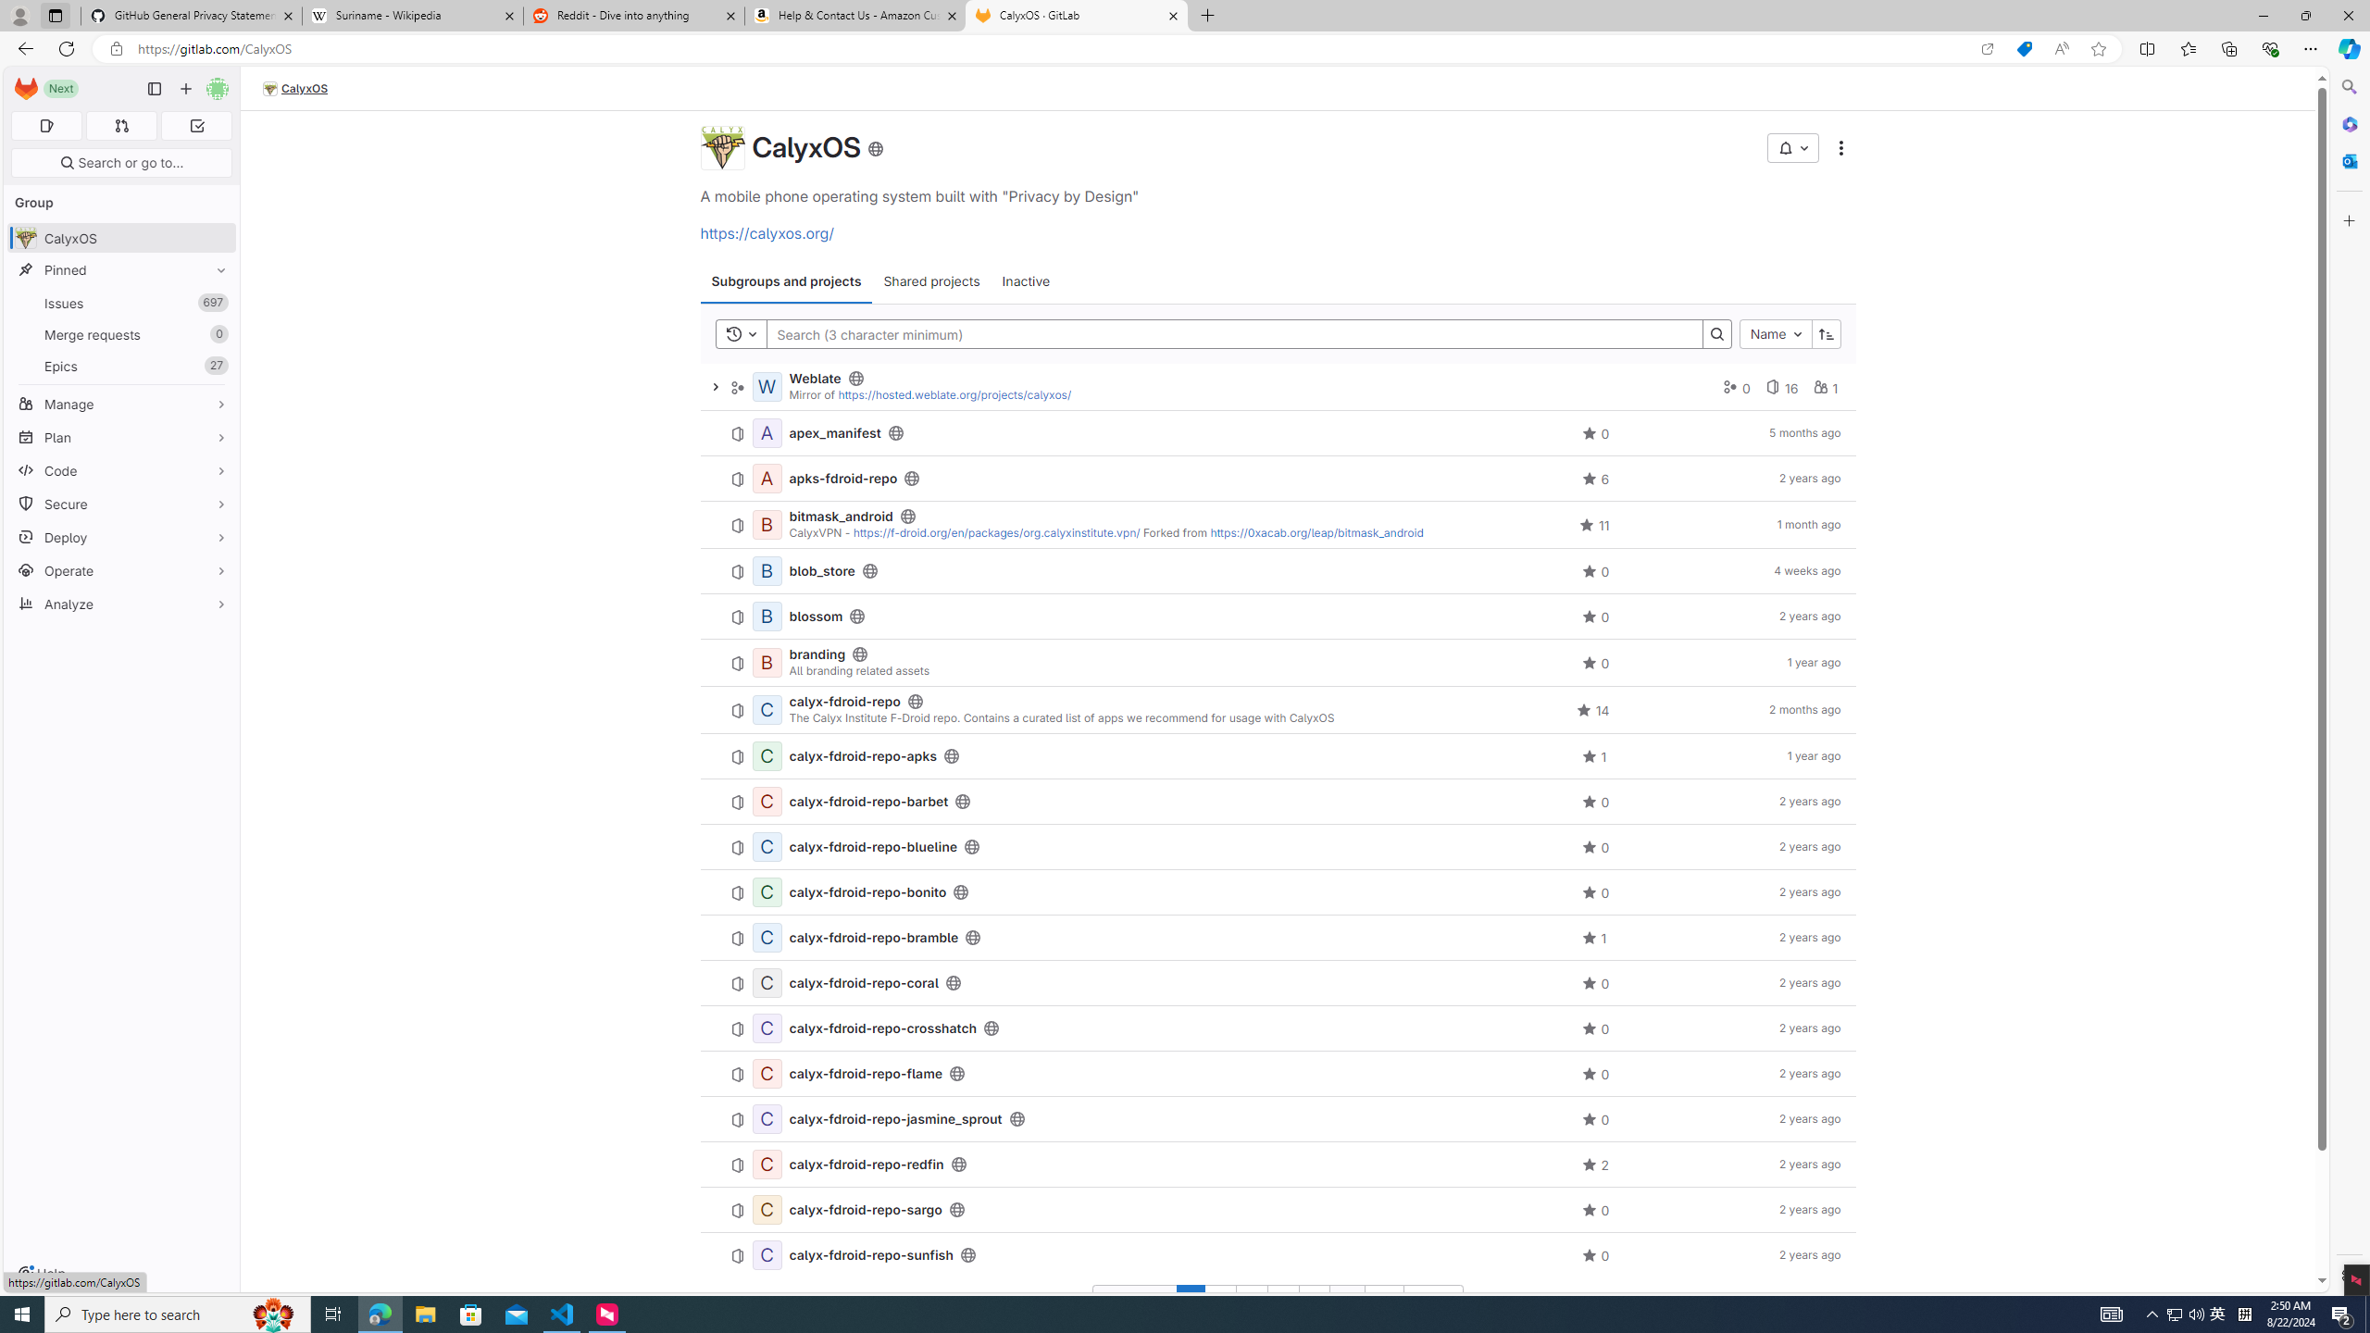 The width and height of the screenshot is (2370, 1333). I want to click on 'Unpin Merge requests', so click(216, 333).